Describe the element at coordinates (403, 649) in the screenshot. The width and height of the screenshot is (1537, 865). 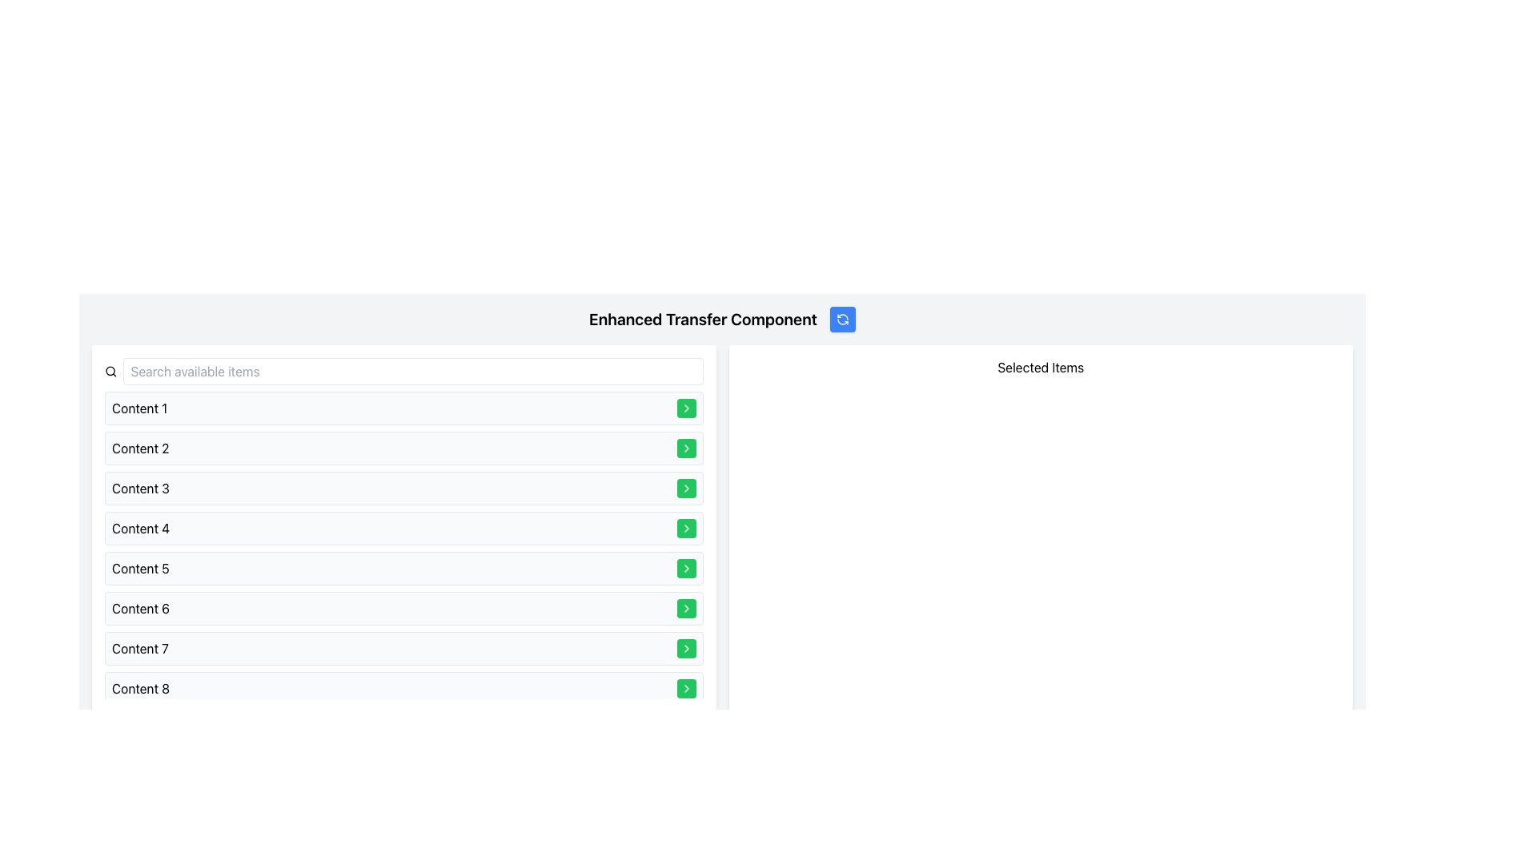
I see `the seventh list item located below 'Content 6' and above 'Content 8'` at that location.